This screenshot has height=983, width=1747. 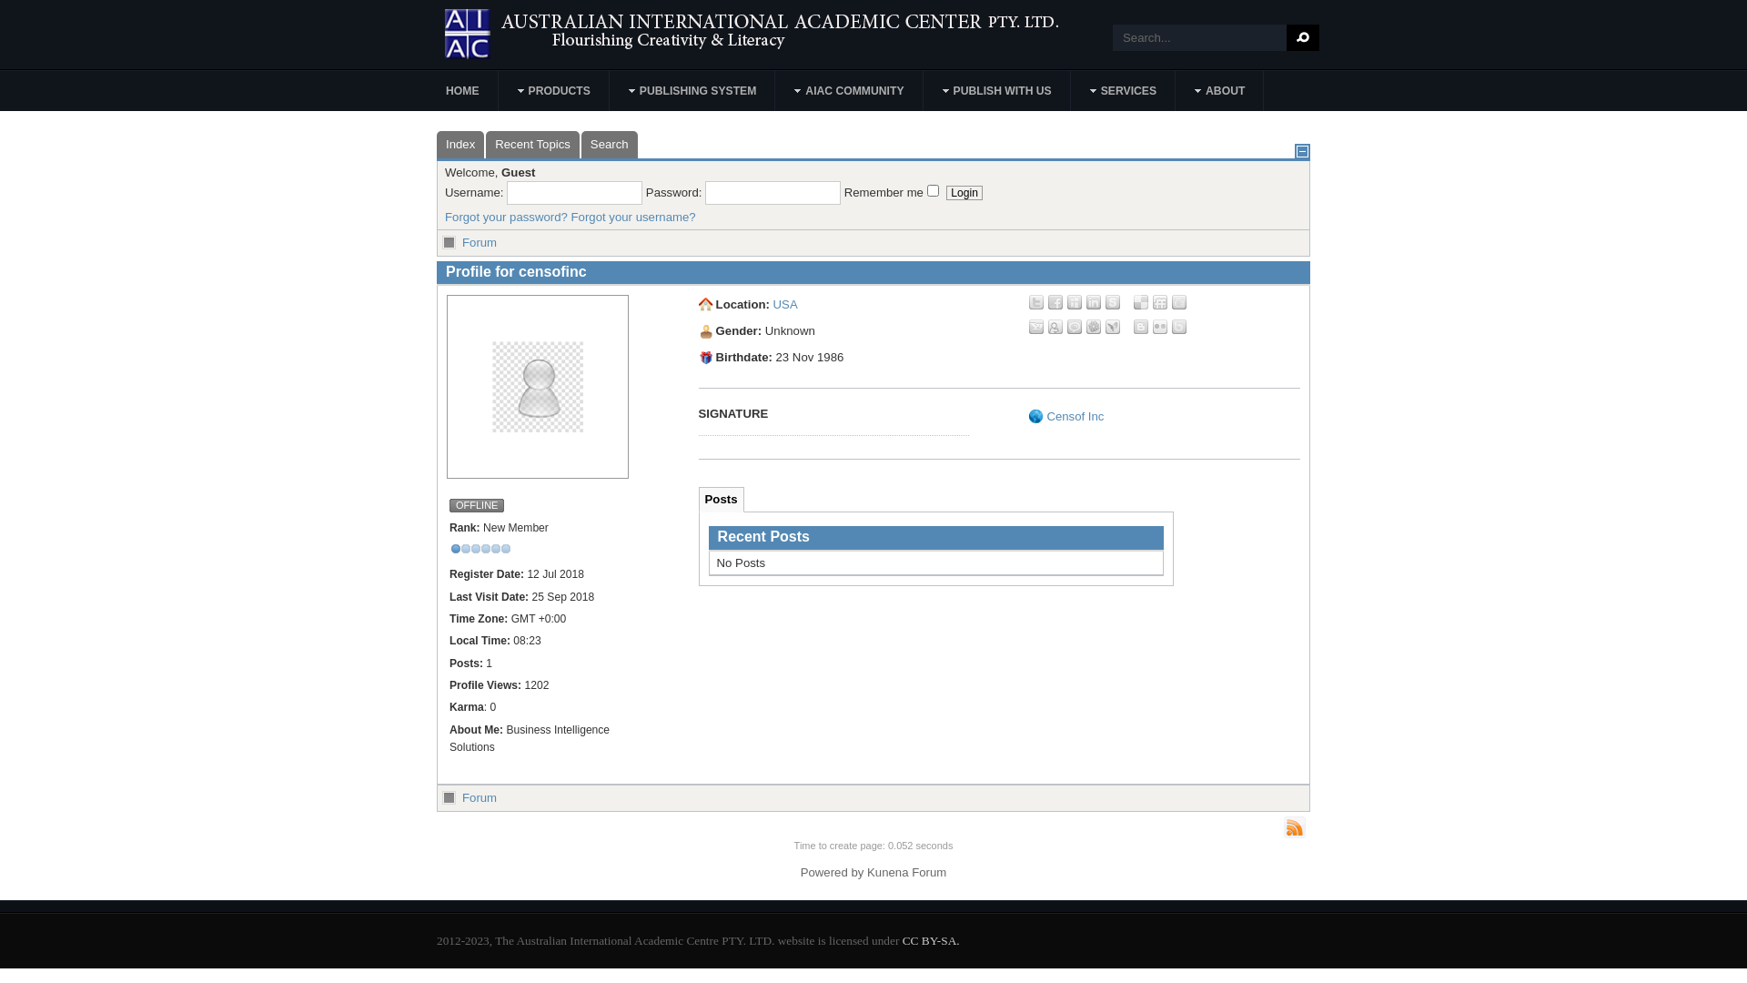 What do you see at coordinates (964, 193) in the screenshot?
I see `'Login'` at bounding box center [964, 193].